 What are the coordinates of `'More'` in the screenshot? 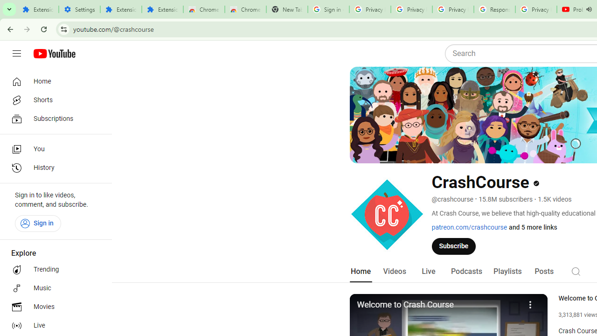 It's located at (530, 303).